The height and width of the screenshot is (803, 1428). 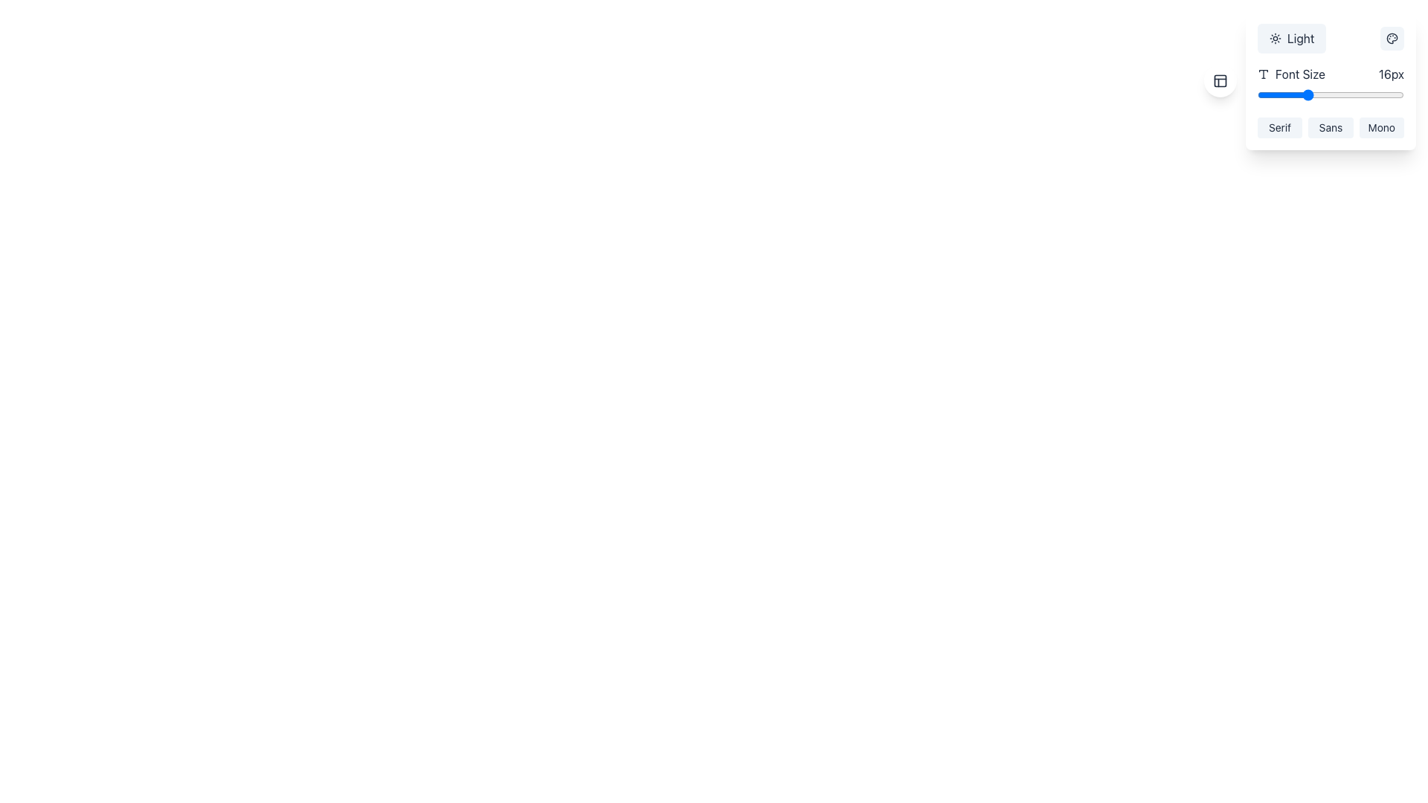 I want to click on font size, so click(x=1355, y=94).